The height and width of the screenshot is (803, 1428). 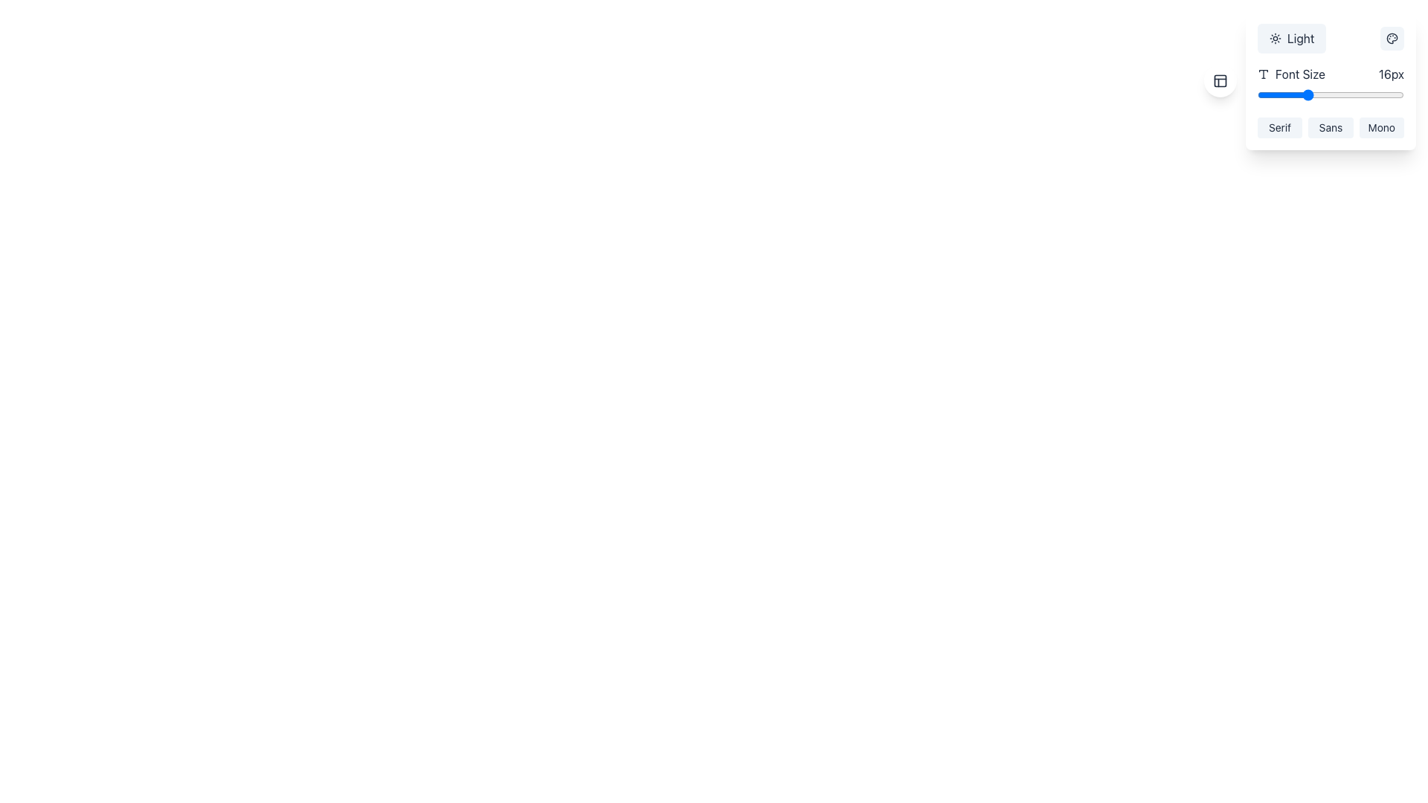 I want to click on font size, so click(x=1355, y=94).